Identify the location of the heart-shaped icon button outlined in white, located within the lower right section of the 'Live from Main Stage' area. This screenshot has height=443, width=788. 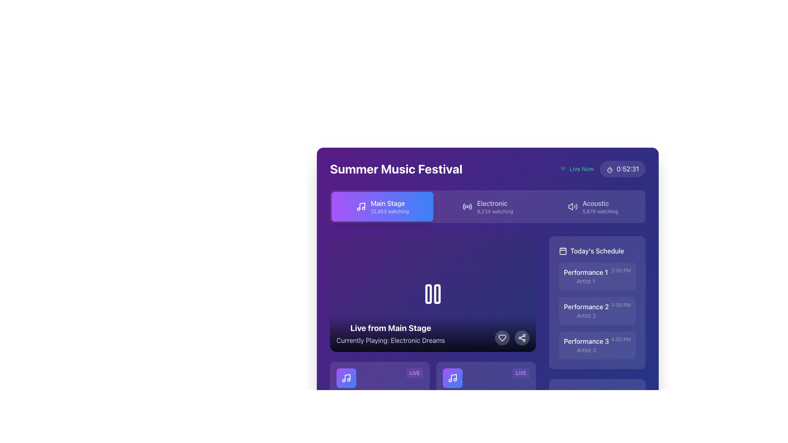
(502, 338).